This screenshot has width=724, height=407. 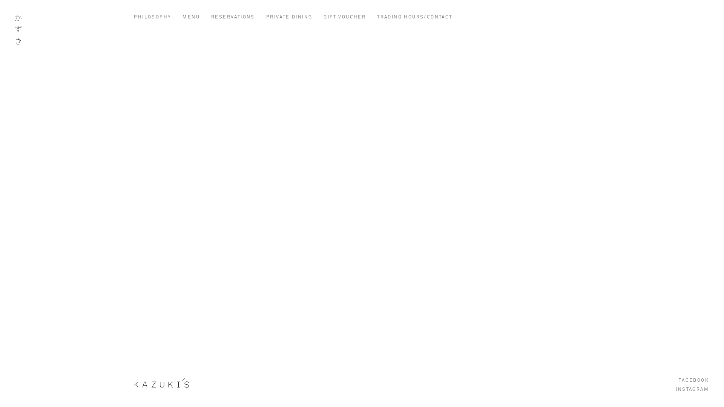 What do you see at coordinates (152, 17) in the screenshot?
I see `'PHILOSOPHY'` at bounding box center [152, 17].